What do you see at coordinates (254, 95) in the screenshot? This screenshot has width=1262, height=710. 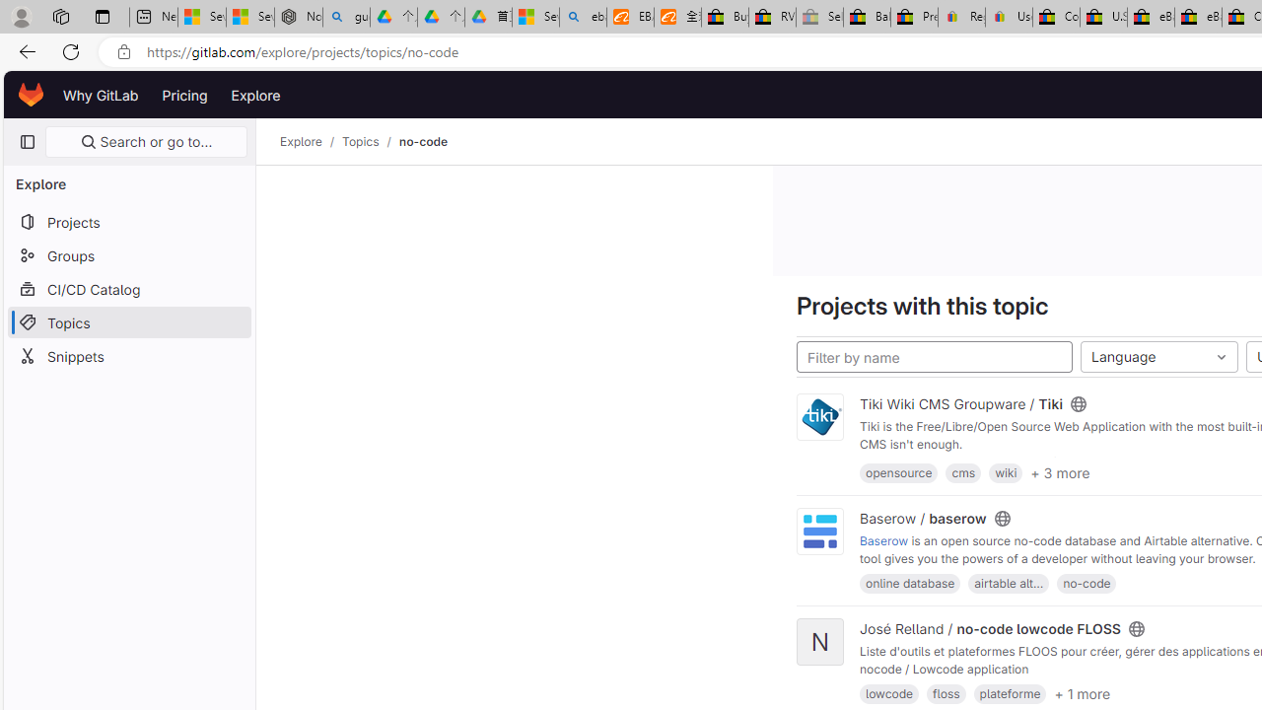 I see `'Explore'` at bounding box center [254, 95].